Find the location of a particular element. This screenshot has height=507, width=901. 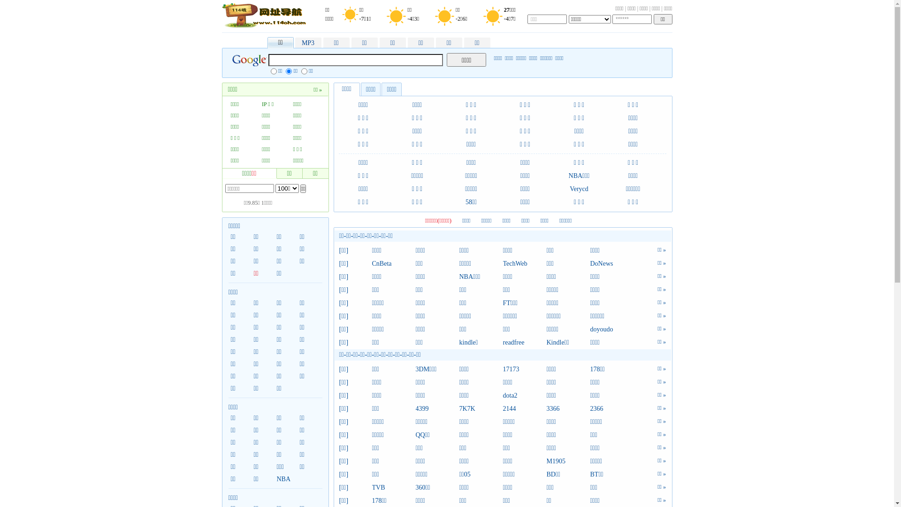

'NBA' is located at coordinates (285, 479).